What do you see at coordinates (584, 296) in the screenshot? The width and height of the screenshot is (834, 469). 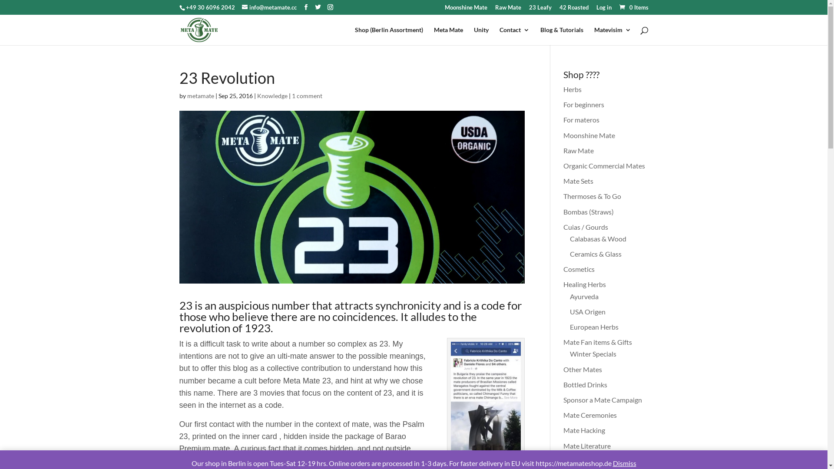 I see `'Ayurveda'` at bounding box center [584, 296].